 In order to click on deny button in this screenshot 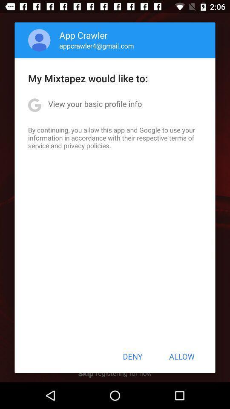, I will do `click(132, 356)`.